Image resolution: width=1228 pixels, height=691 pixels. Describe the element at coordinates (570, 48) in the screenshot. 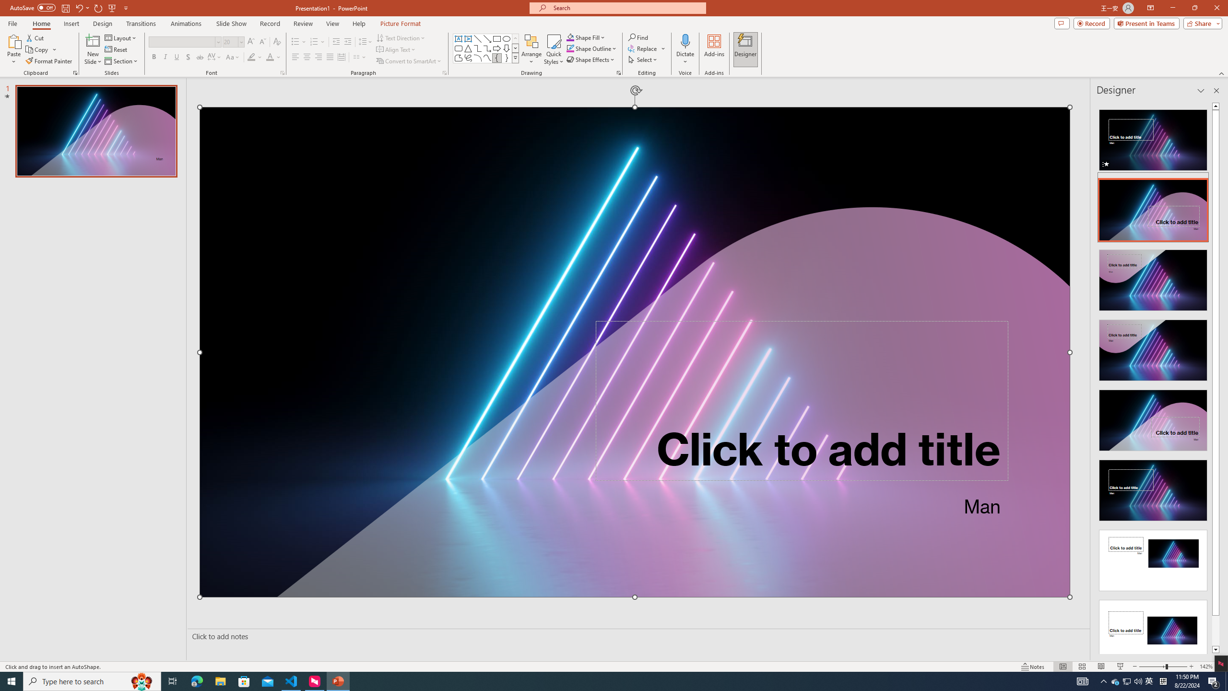

I see `'Shape Outline Blue, Accent 1'` at that location.